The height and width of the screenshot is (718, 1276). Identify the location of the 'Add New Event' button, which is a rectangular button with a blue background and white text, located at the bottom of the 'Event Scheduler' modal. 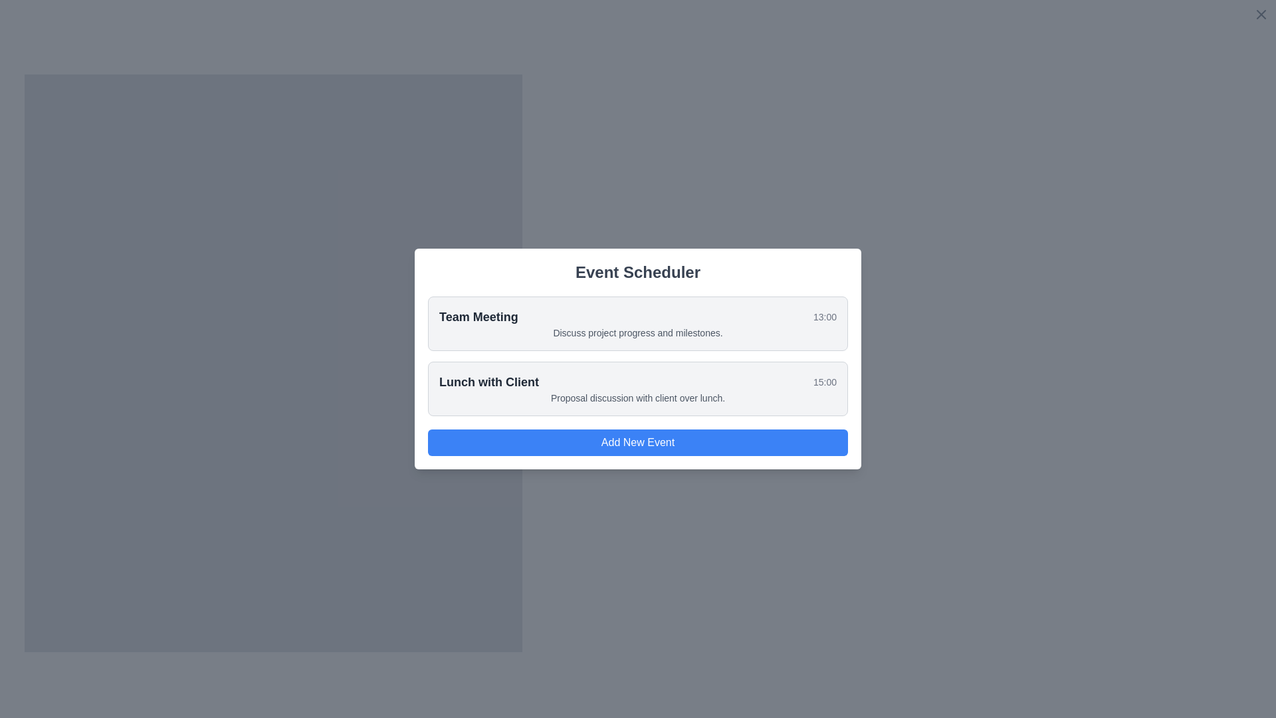
(638, 443).